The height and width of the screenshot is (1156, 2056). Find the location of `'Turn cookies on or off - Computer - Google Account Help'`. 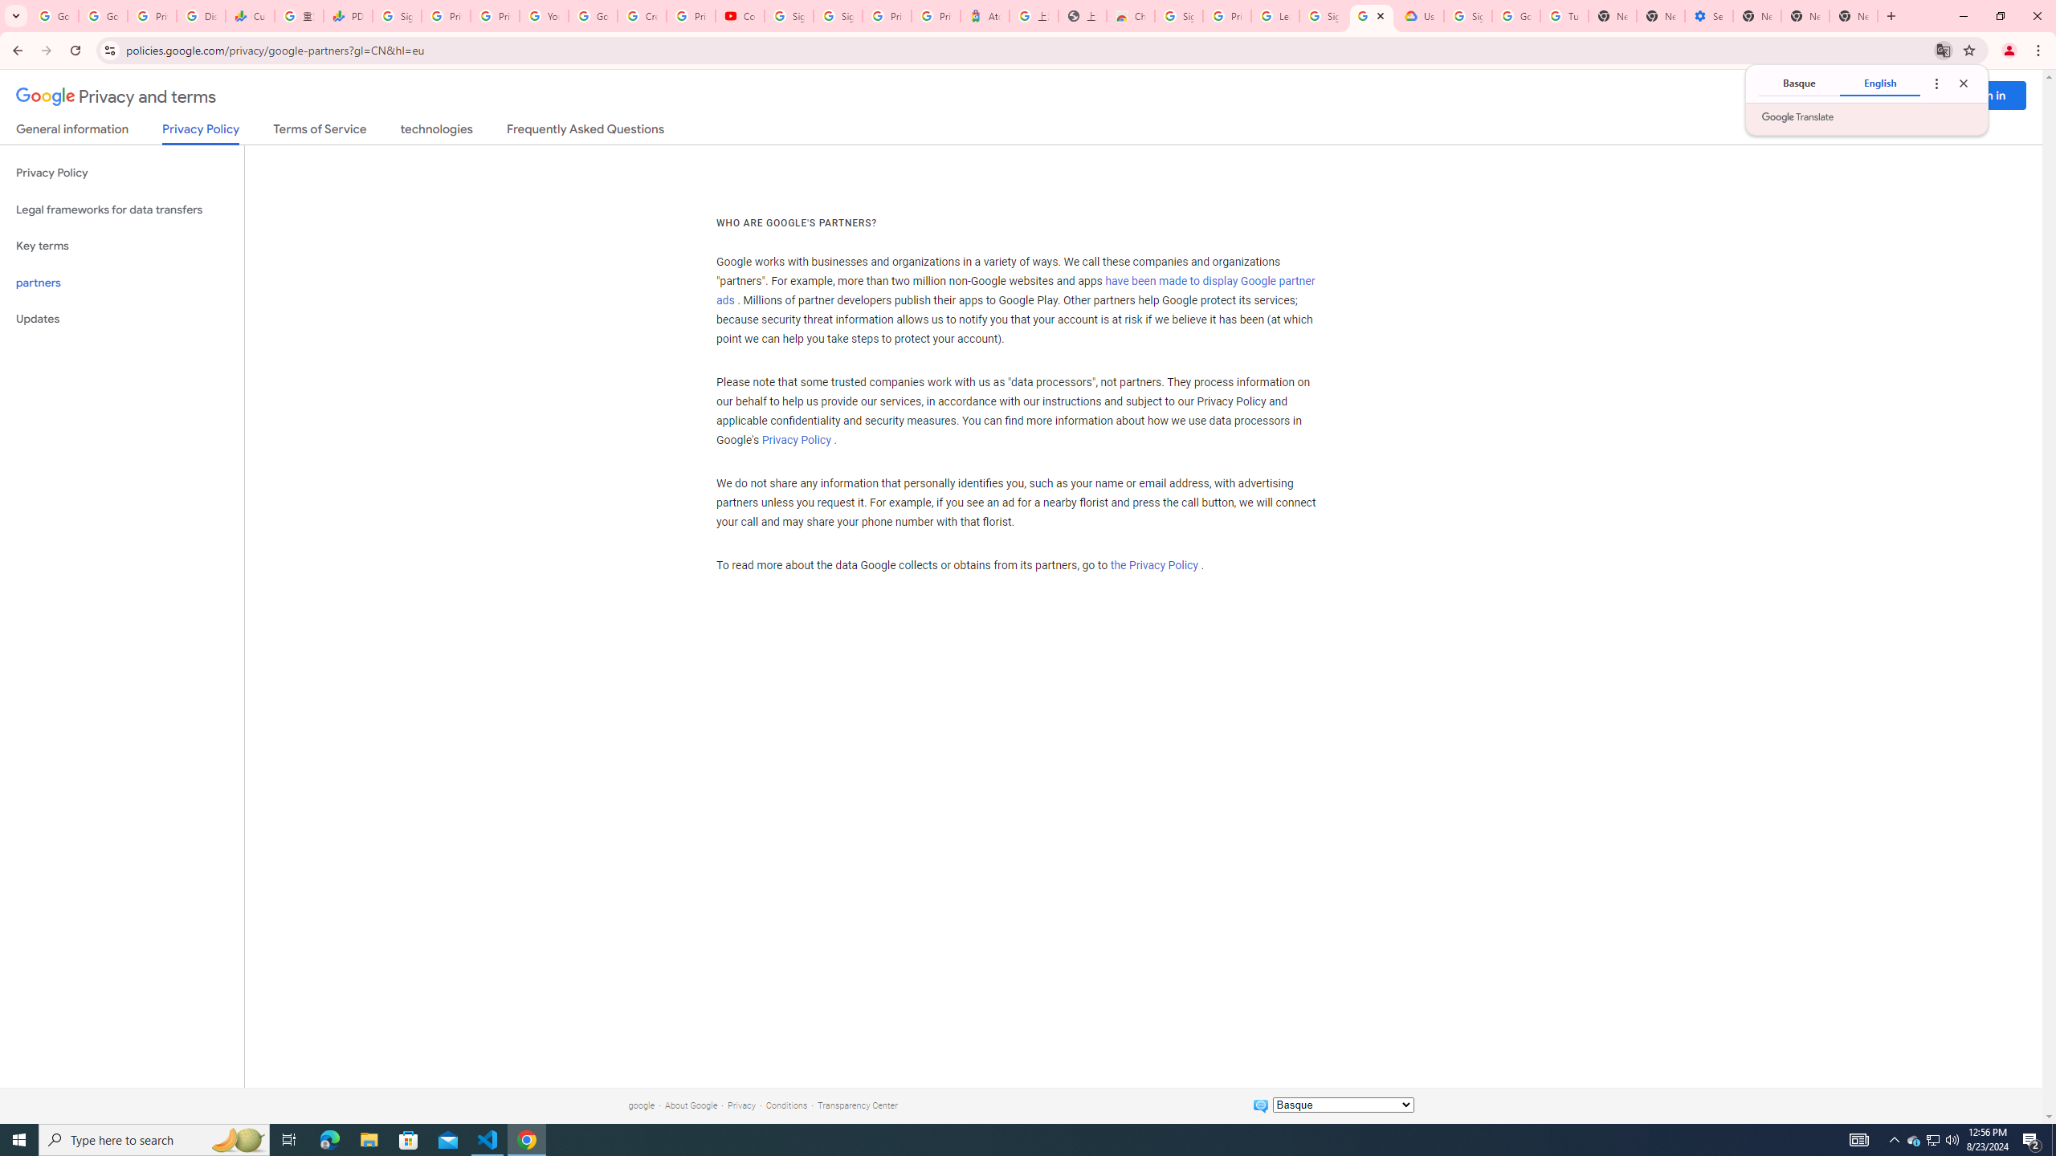

'Turn cookies on or off - Computer - Google Account Help' is located at coordinates (1564, 15).